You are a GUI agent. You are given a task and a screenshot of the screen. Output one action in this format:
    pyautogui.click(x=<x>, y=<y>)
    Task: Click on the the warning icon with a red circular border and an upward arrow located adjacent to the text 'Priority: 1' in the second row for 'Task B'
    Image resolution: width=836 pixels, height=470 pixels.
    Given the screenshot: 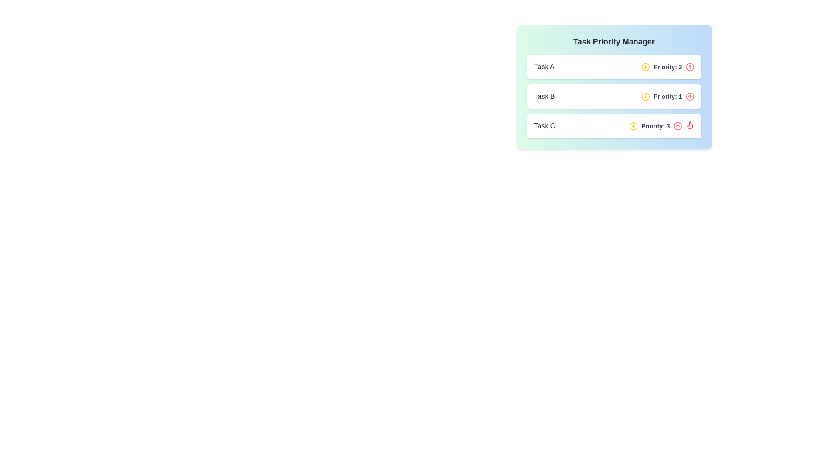 What is the action you would take?
    pyautogui.click(x=689, y=97)
    